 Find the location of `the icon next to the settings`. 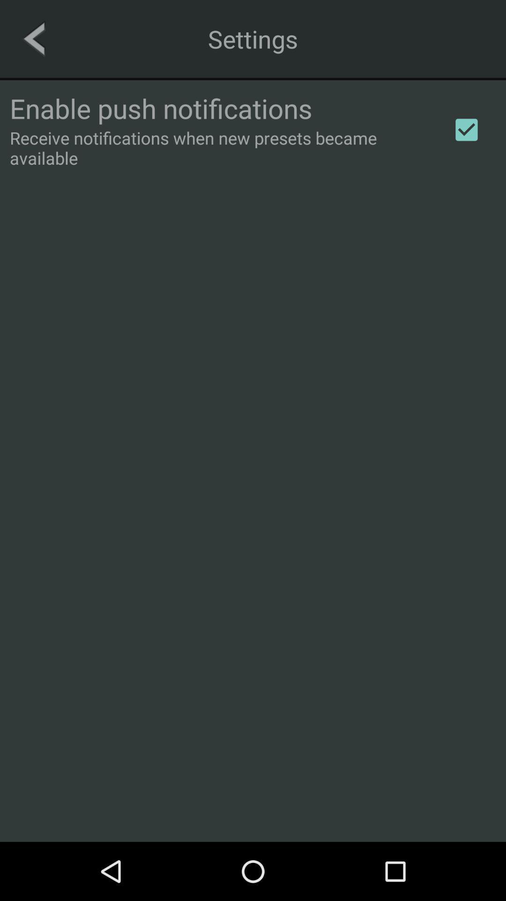

the icon next to the settings is located at coordinates (33, 38).